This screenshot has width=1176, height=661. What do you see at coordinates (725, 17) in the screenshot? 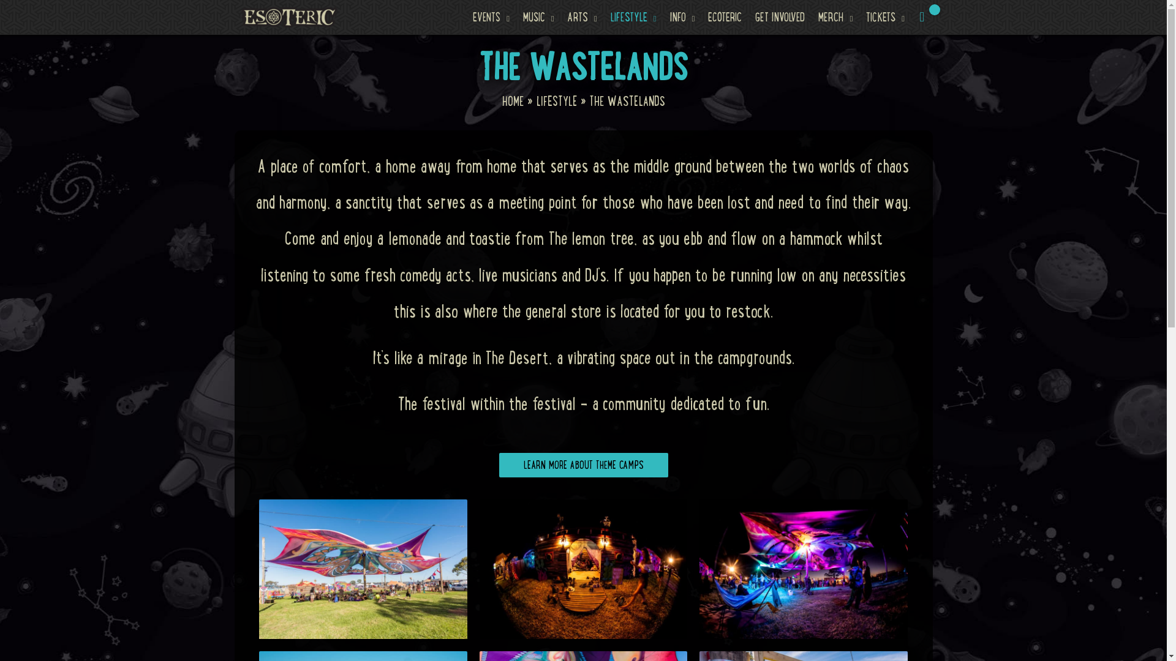
I see `'ECOTERIC'` at bounding box center [725, 17].